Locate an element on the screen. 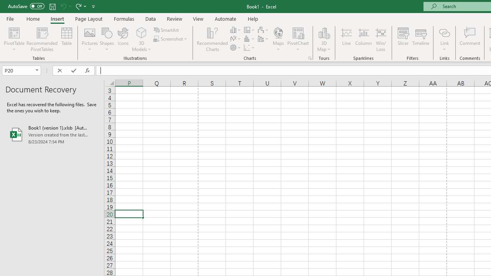 The height and width of the screenshot is (276, 491). 'Win/Loss' is located at coordinates (381, 39).